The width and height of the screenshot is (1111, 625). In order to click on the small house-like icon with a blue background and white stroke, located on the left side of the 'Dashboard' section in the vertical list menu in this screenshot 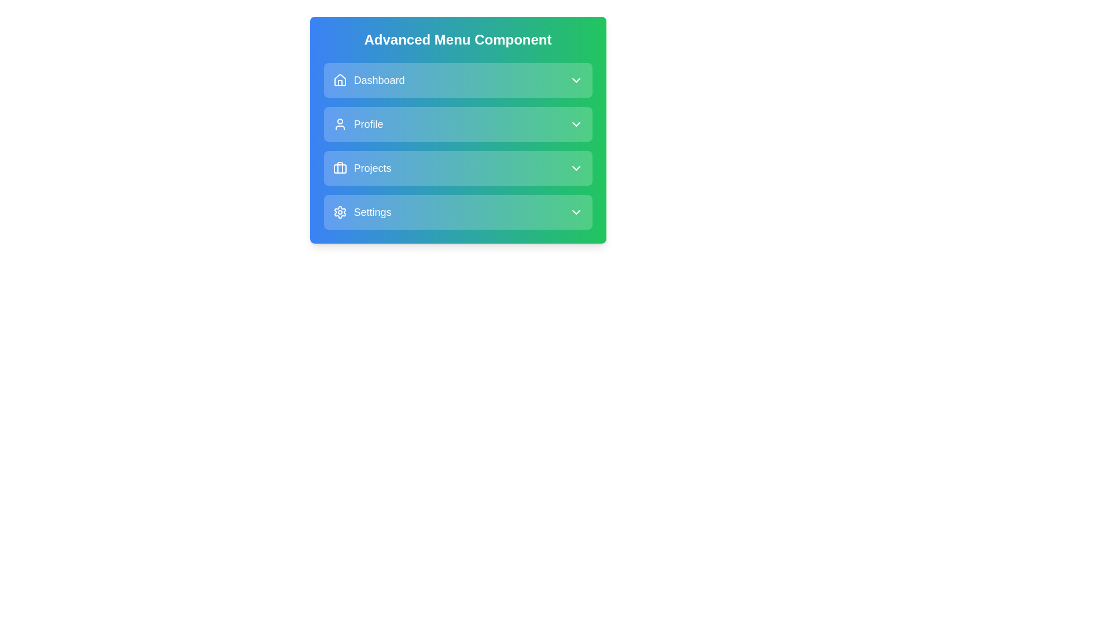, I will do `click(339, 79)`.